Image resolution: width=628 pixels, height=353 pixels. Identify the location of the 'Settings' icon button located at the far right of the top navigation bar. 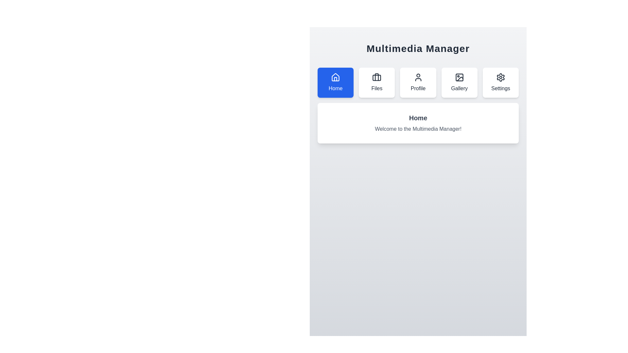
(500, 77).